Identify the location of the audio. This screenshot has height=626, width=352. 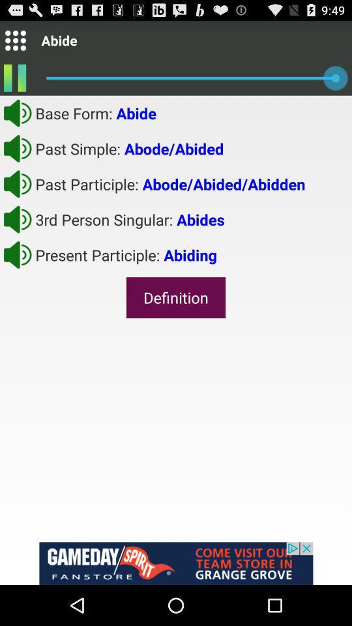
(17, 148).